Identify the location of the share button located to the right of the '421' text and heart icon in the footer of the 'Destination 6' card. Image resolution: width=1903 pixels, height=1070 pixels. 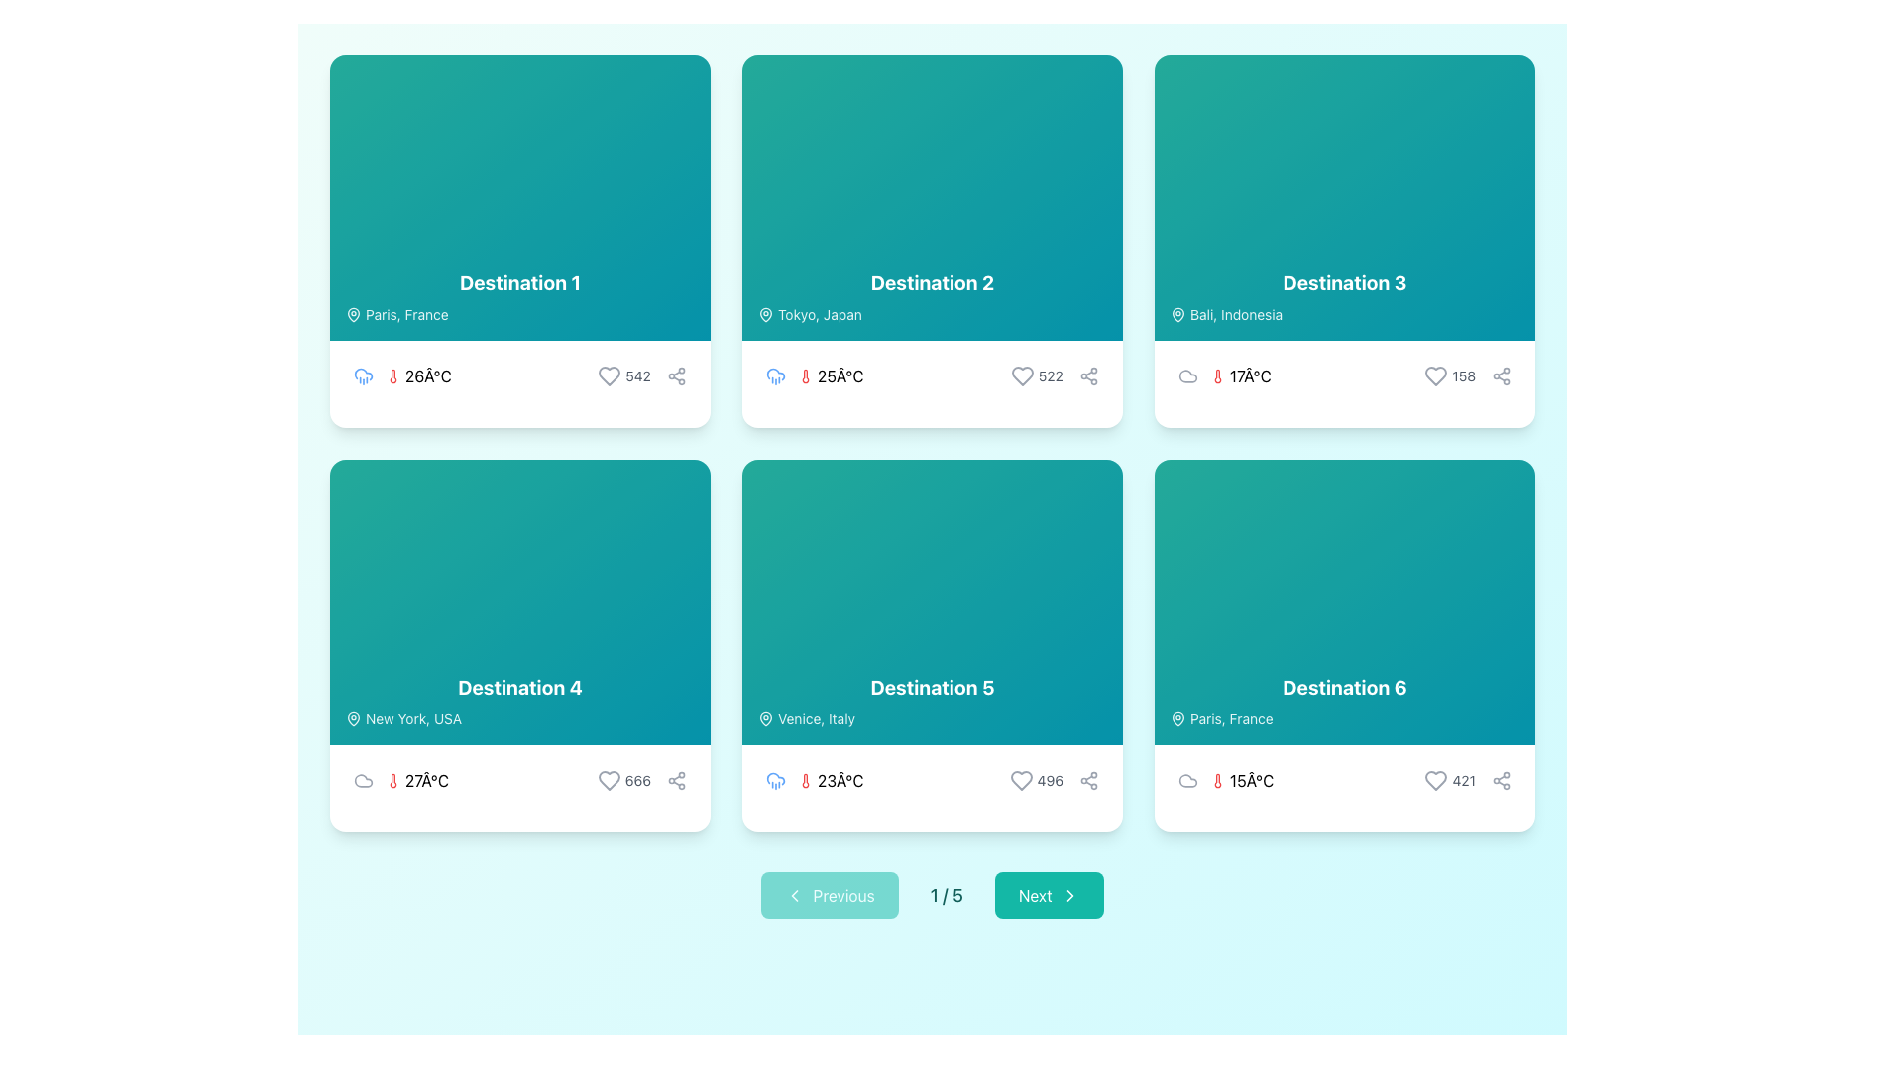
(1502, 779).